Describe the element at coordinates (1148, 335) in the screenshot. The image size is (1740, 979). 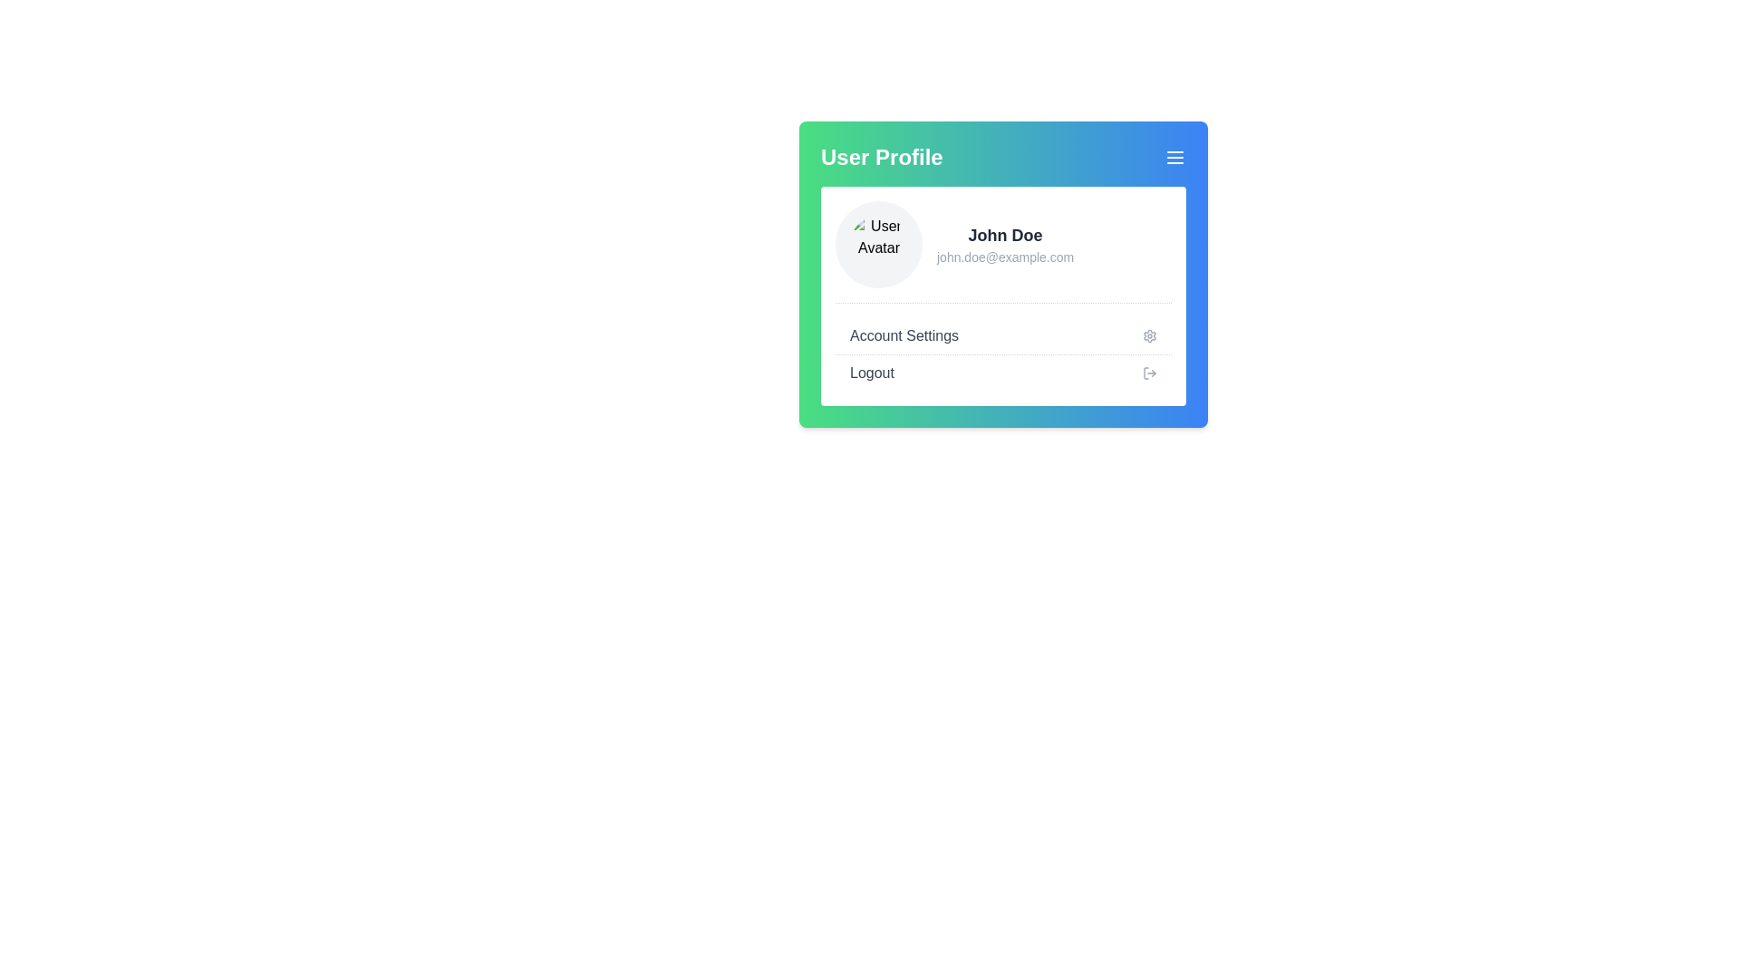
I see `the gear-shaped settings icon located adjacent to the 'Account Settings' text in the UI` at that location.